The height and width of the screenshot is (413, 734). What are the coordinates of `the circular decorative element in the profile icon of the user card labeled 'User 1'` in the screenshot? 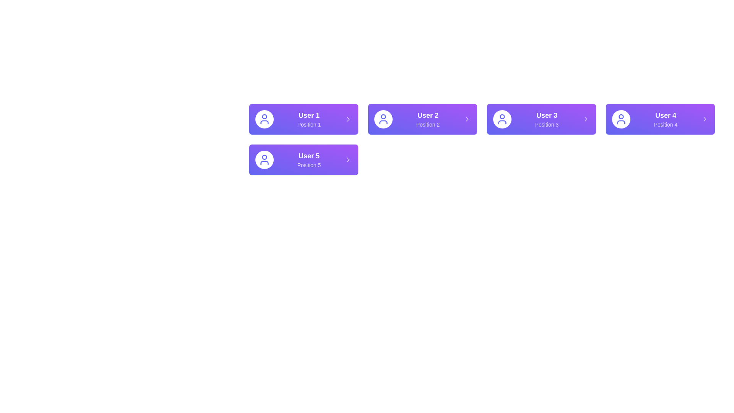 It's located at (264, 116).